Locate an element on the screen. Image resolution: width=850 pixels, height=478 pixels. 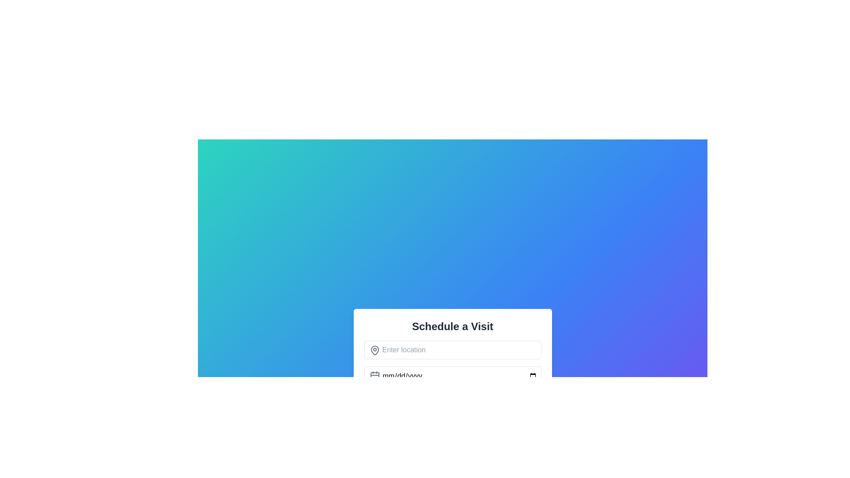
the Date input field located below the 'Enter location' input field and above the time selection field in the 'Schedule a Visit' section to focus is located at coordinates (452, 376).